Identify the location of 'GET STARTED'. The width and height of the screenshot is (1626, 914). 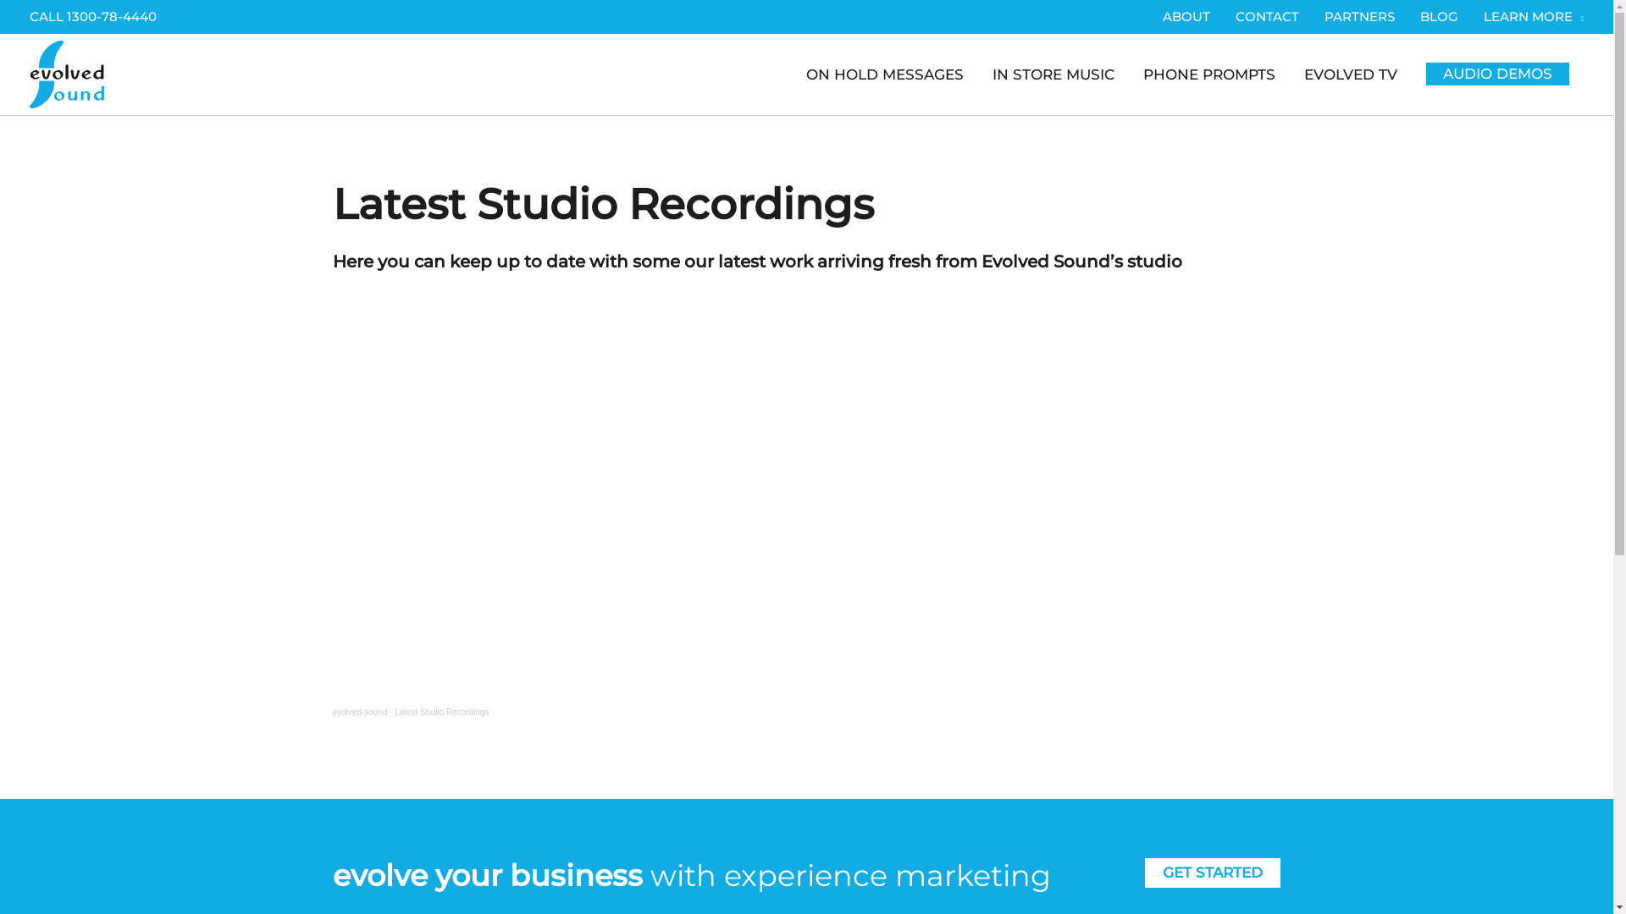
(1211, 873).